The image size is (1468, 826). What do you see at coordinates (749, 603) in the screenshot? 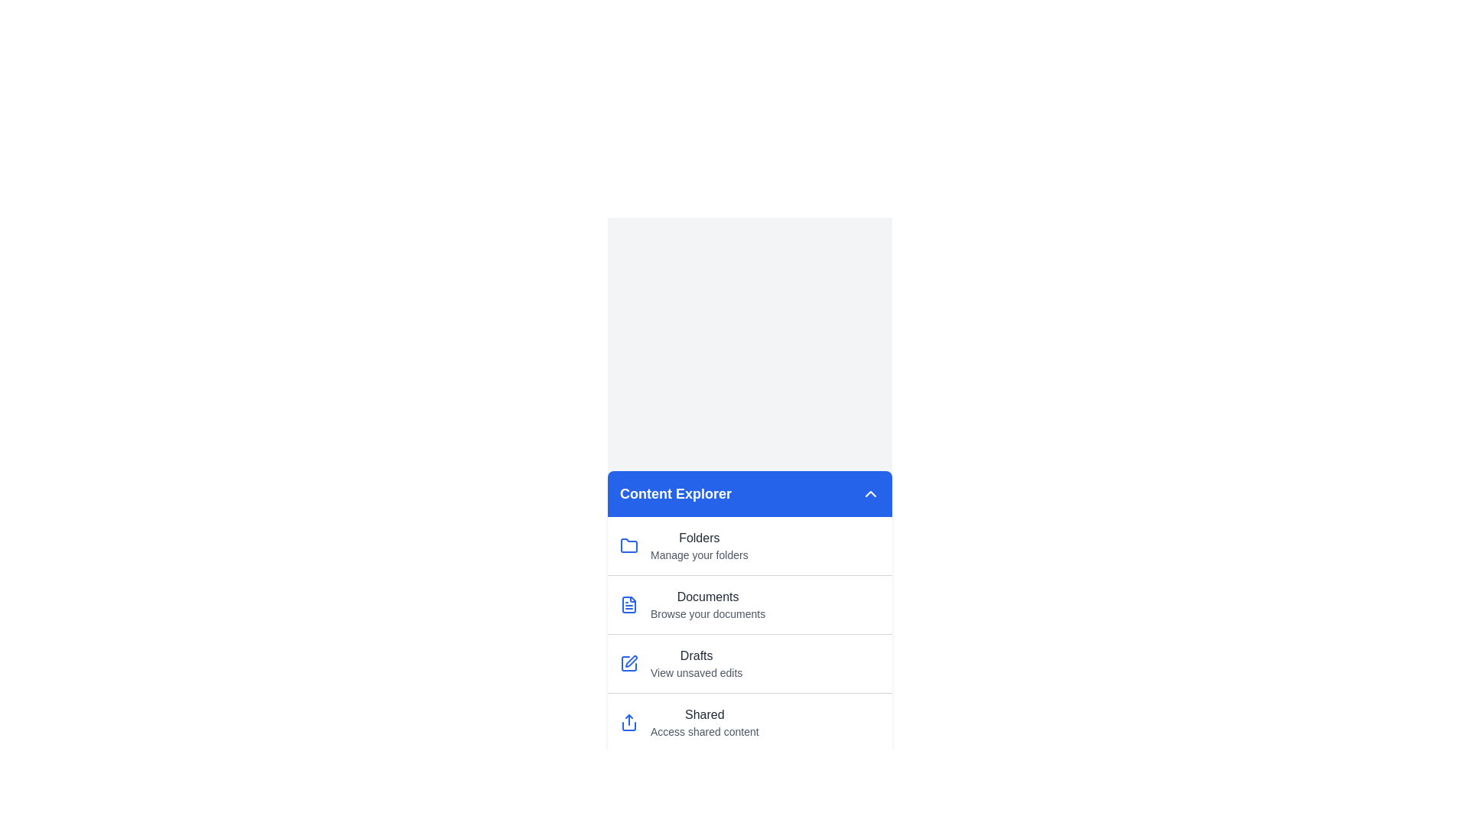
I see `the menu item corresponding to Documents` at bounding box center [749, 603].